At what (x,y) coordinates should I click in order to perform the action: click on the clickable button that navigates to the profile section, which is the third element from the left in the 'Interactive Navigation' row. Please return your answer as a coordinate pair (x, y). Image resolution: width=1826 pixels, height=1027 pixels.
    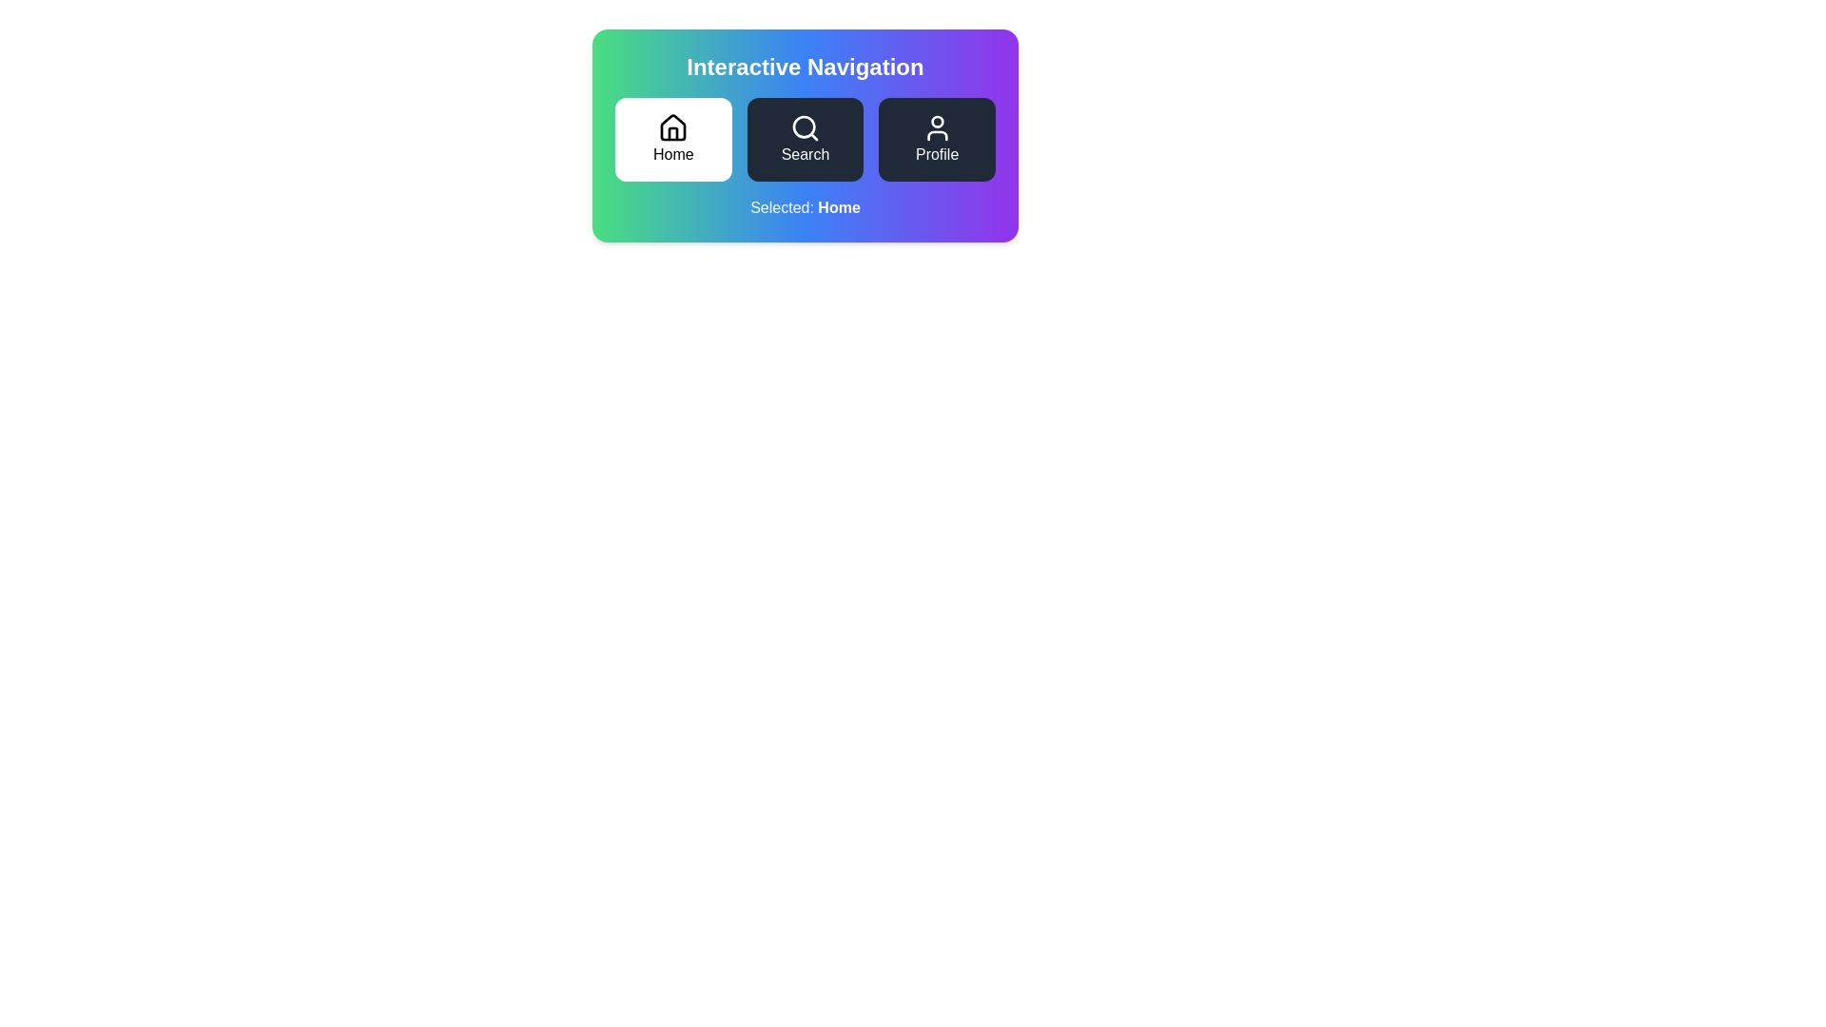
    Looking at the image, I should click on (937, 138).